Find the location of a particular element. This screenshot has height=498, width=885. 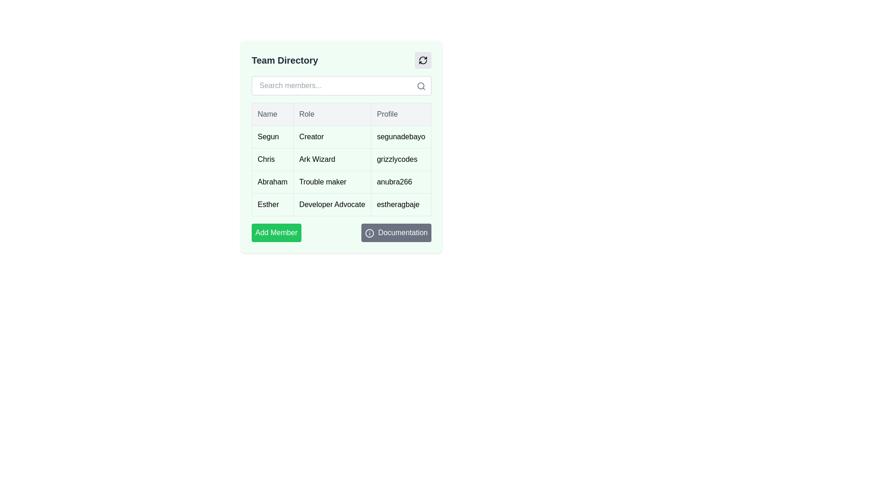

the non-interactive text label displaying the role information 'Trouble maker' located in the second column of the third row of the table, adjacent to the name 'Abraham' is located at coordinates (332, 182).